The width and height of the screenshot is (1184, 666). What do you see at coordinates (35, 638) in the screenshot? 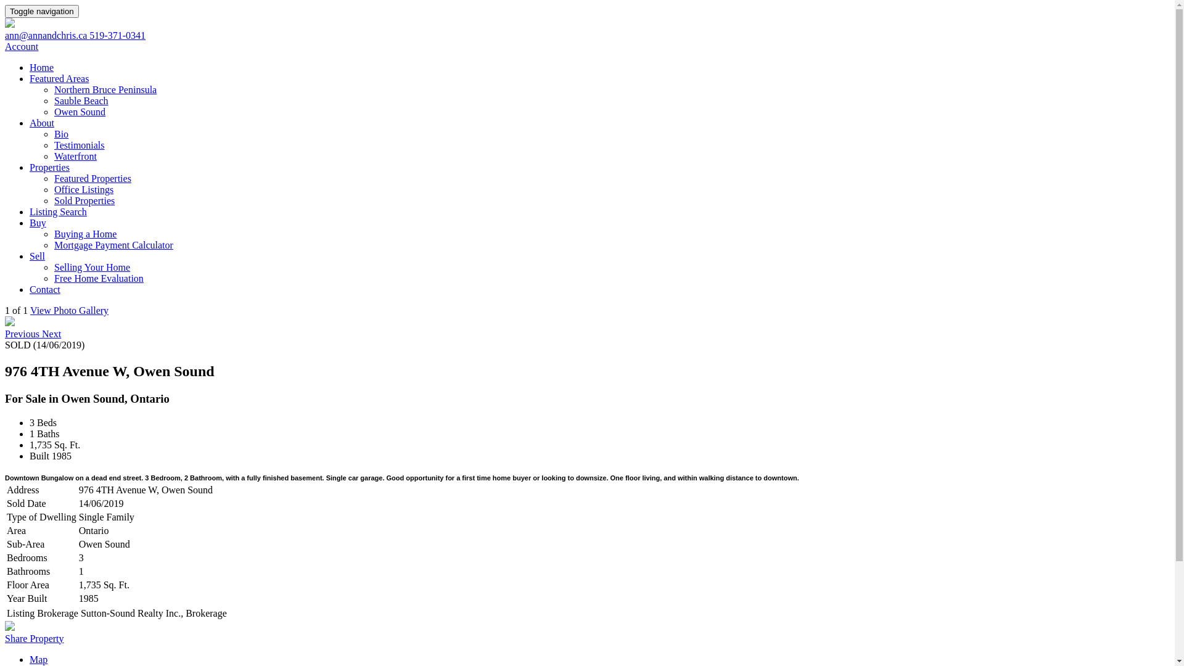
I see `'Share Property'` at bounding box center [35, 638].